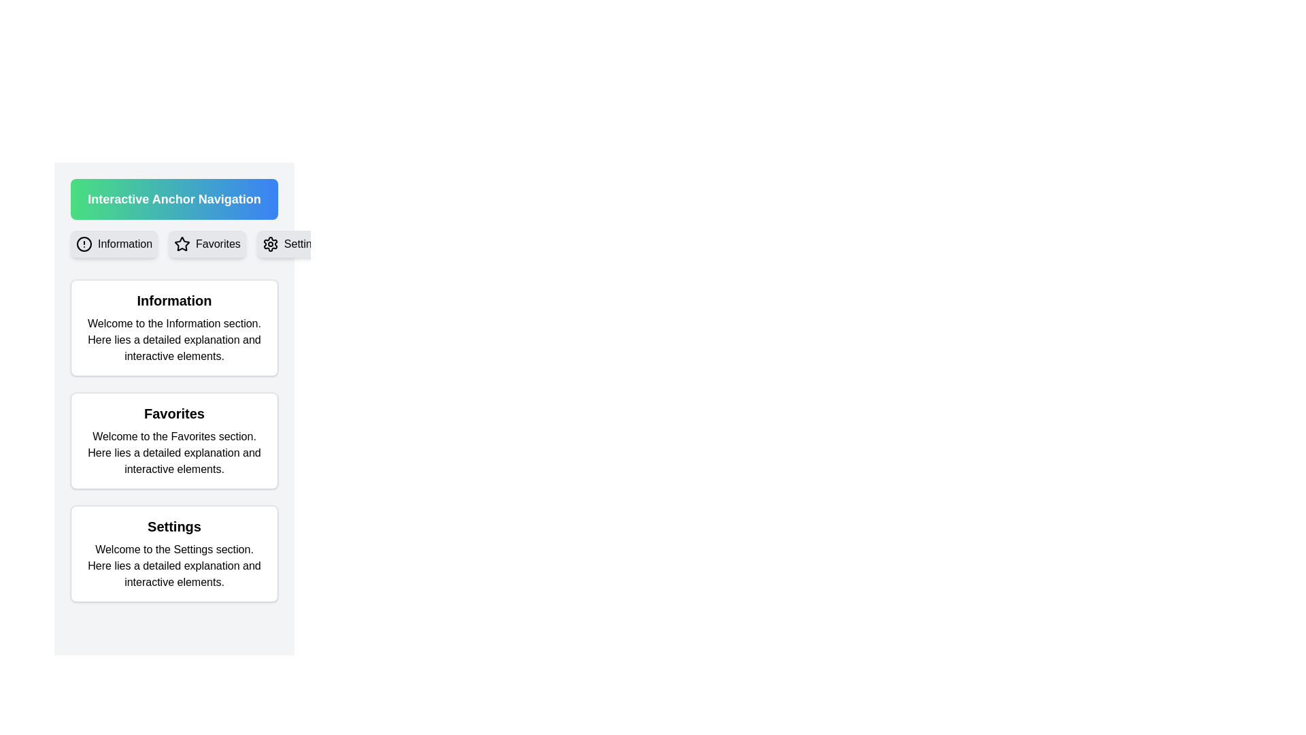 Image resolution: width=1306 pixels, height=735 pixels. I want to click on the 'Information' navigation button, so click(114, 243).